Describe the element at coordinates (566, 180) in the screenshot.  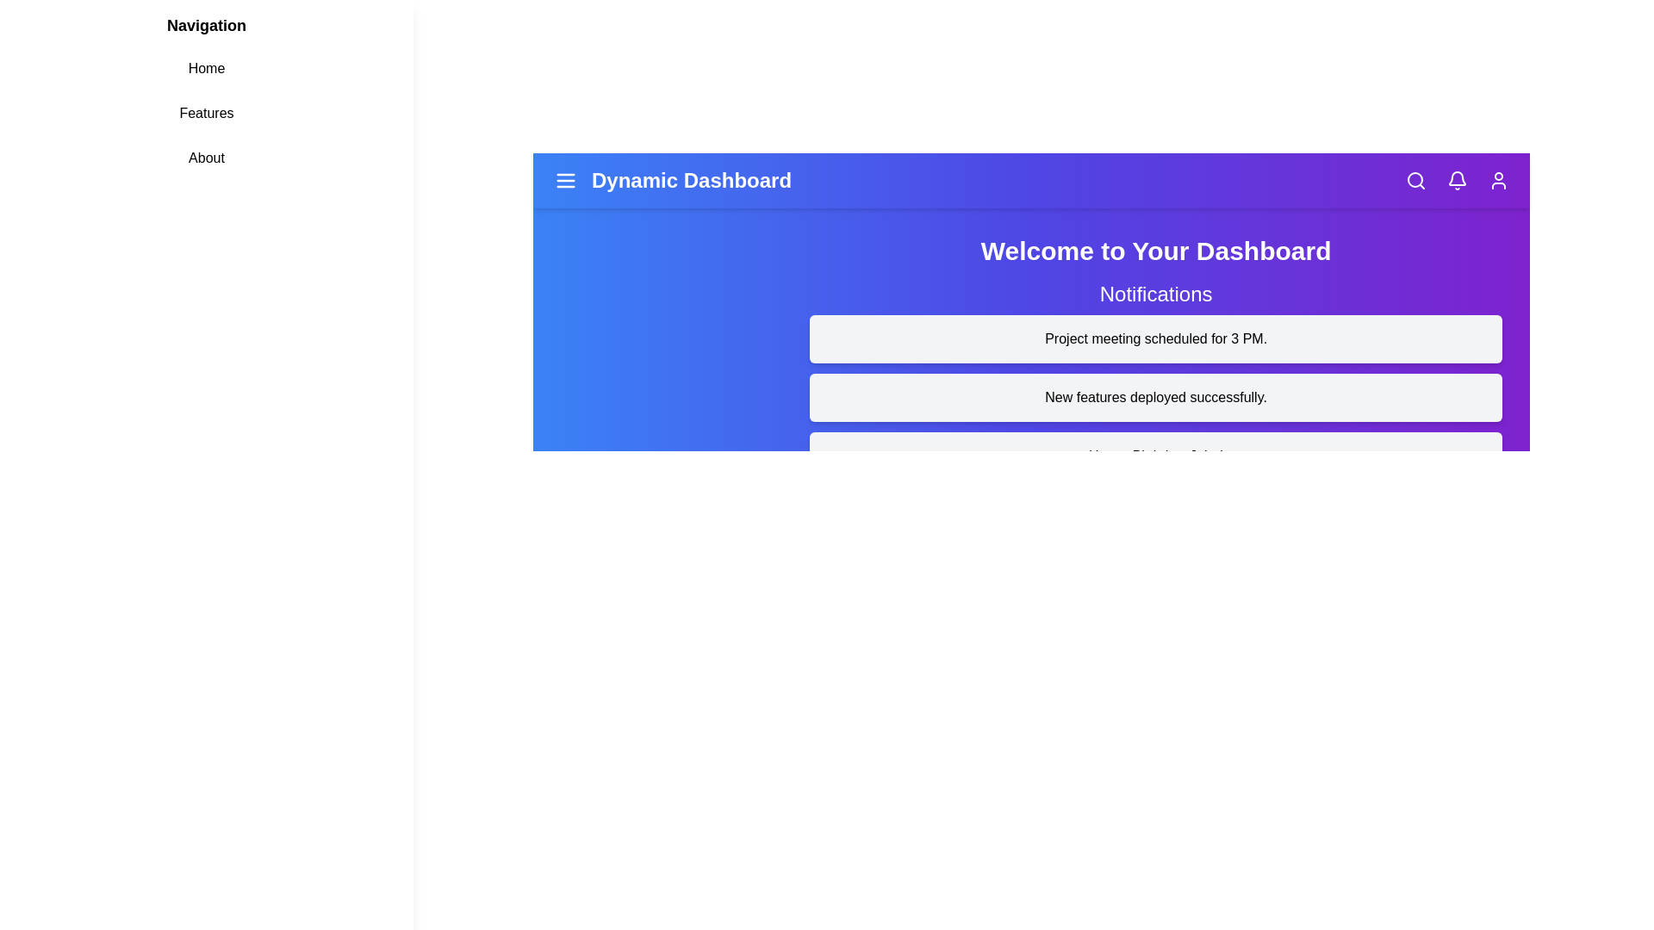
I see `the menu icon to toggle the menu visibility` at that location.